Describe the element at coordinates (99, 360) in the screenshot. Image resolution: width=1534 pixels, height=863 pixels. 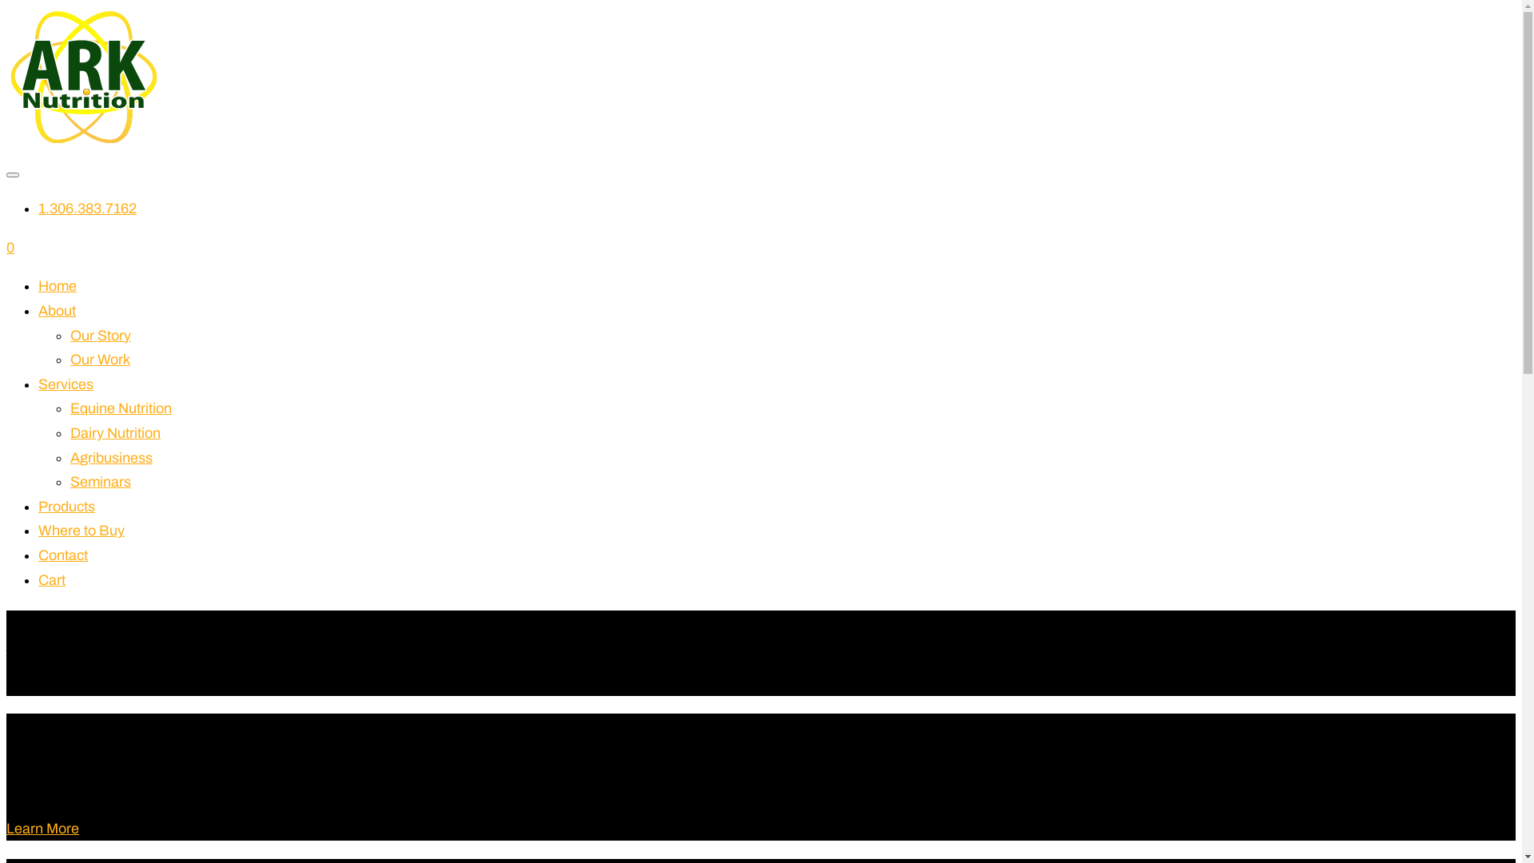
I see `'Our Work'` at that location.